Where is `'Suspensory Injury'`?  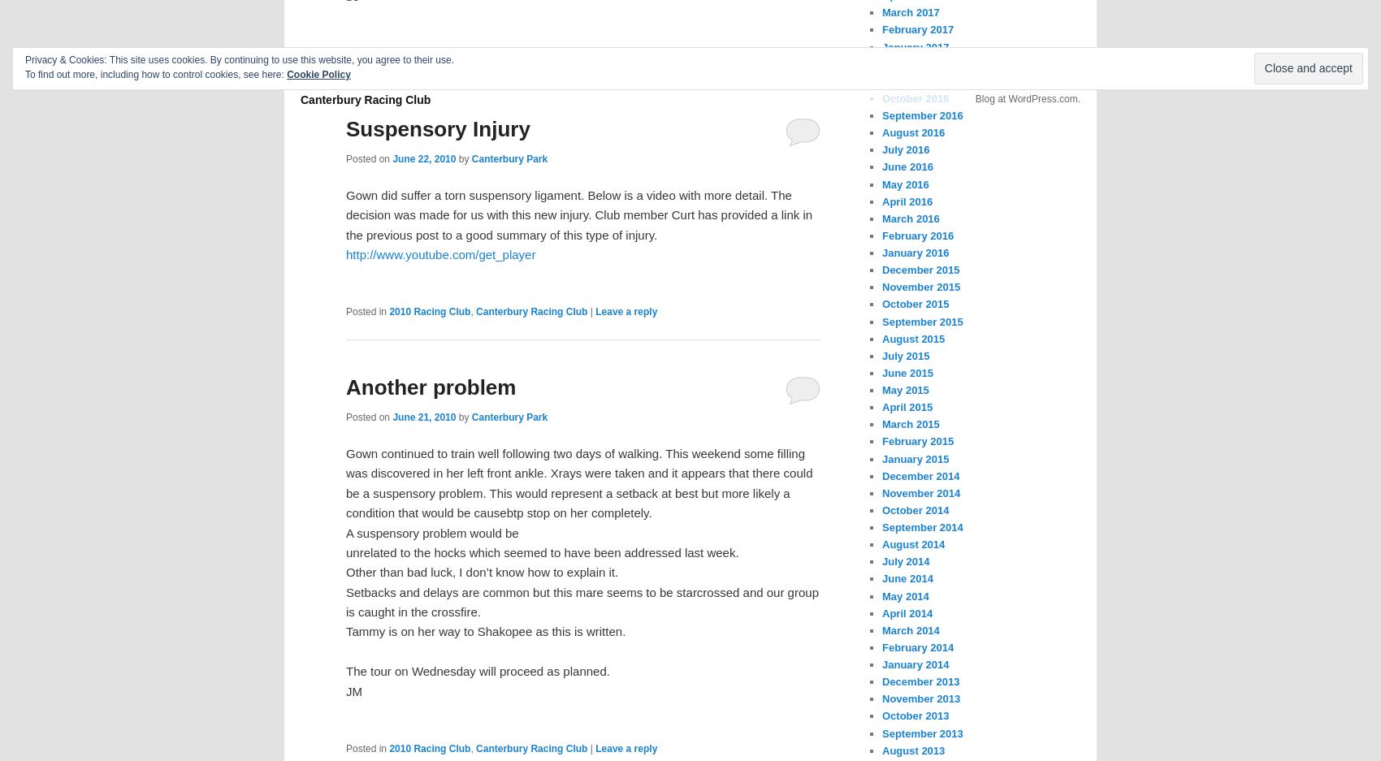 'Suspensory Injury' is located at coordinates (437, 127).